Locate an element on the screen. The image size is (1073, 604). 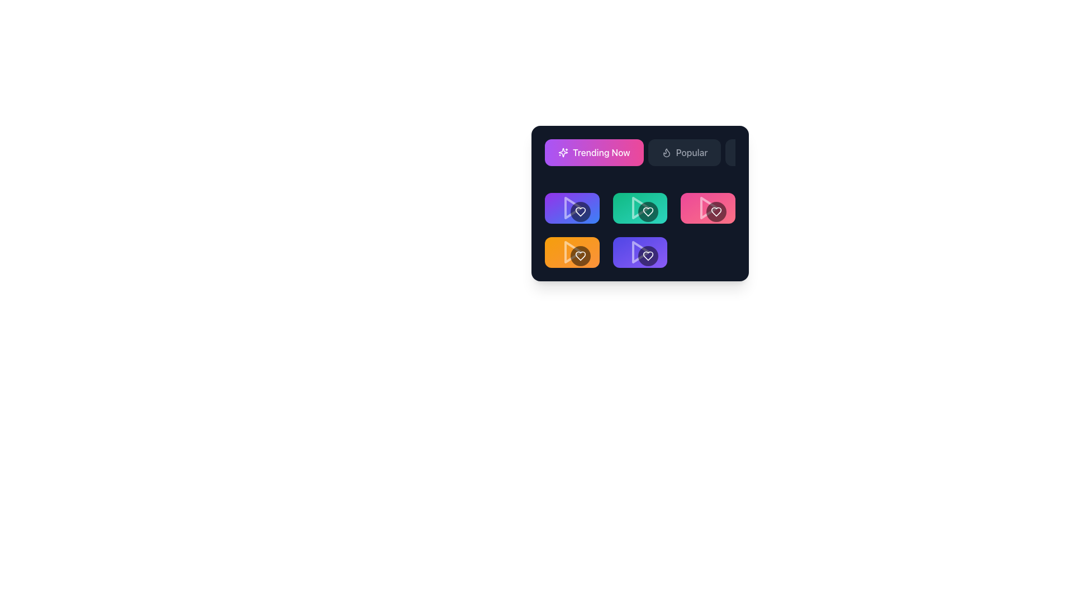
the Interactive count display button, which shows '234K' in bold white font and a thumbs-up icon, to observe its hover effects is located at coordinates (580, 203).